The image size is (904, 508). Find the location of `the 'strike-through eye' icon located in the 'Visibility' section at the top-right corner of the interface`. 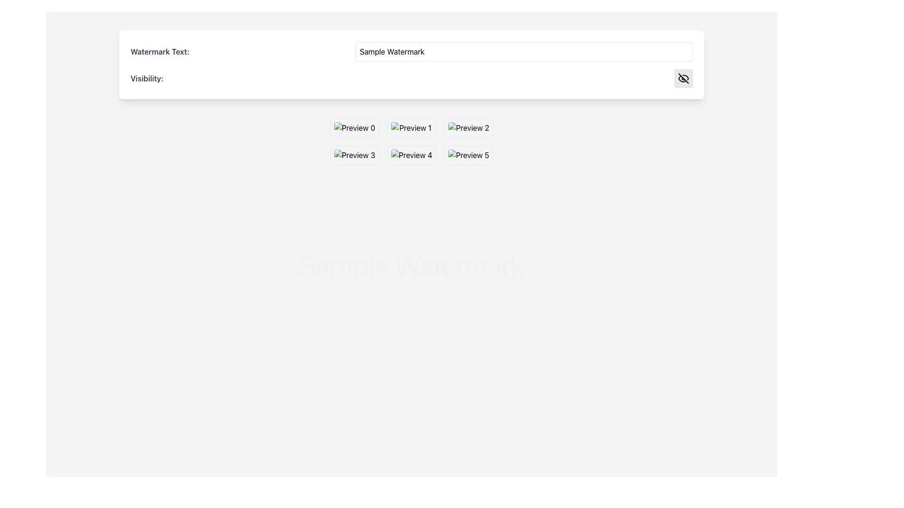

the 'strike-through eye' icon located in the 'Visibility' section at the top-right corner of the interface is located at coordinates (683, 78).